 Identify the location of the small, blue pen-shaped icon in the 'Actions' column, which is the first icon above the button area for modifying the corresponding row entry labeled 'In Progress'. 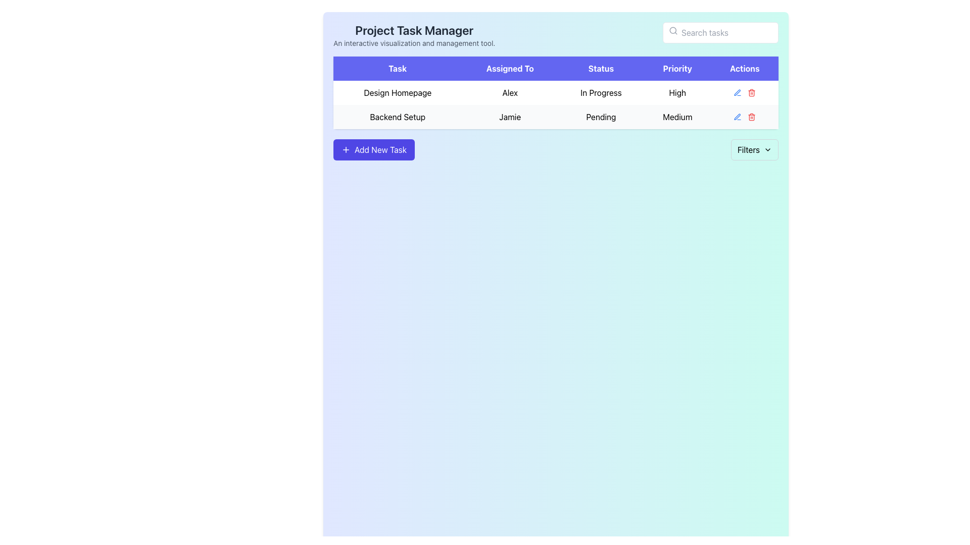
(738, 116).